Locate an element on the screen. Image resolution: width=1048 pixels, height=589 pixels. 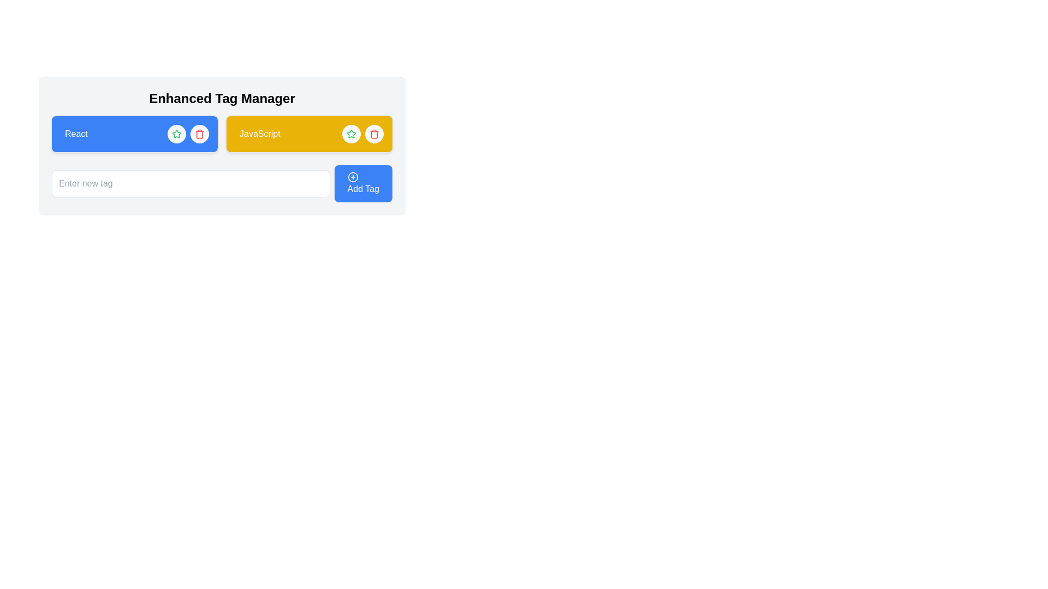
the SVG trash icon located at the center of the yellow 'JavaScript' tag is located at coordinates (199, 134).